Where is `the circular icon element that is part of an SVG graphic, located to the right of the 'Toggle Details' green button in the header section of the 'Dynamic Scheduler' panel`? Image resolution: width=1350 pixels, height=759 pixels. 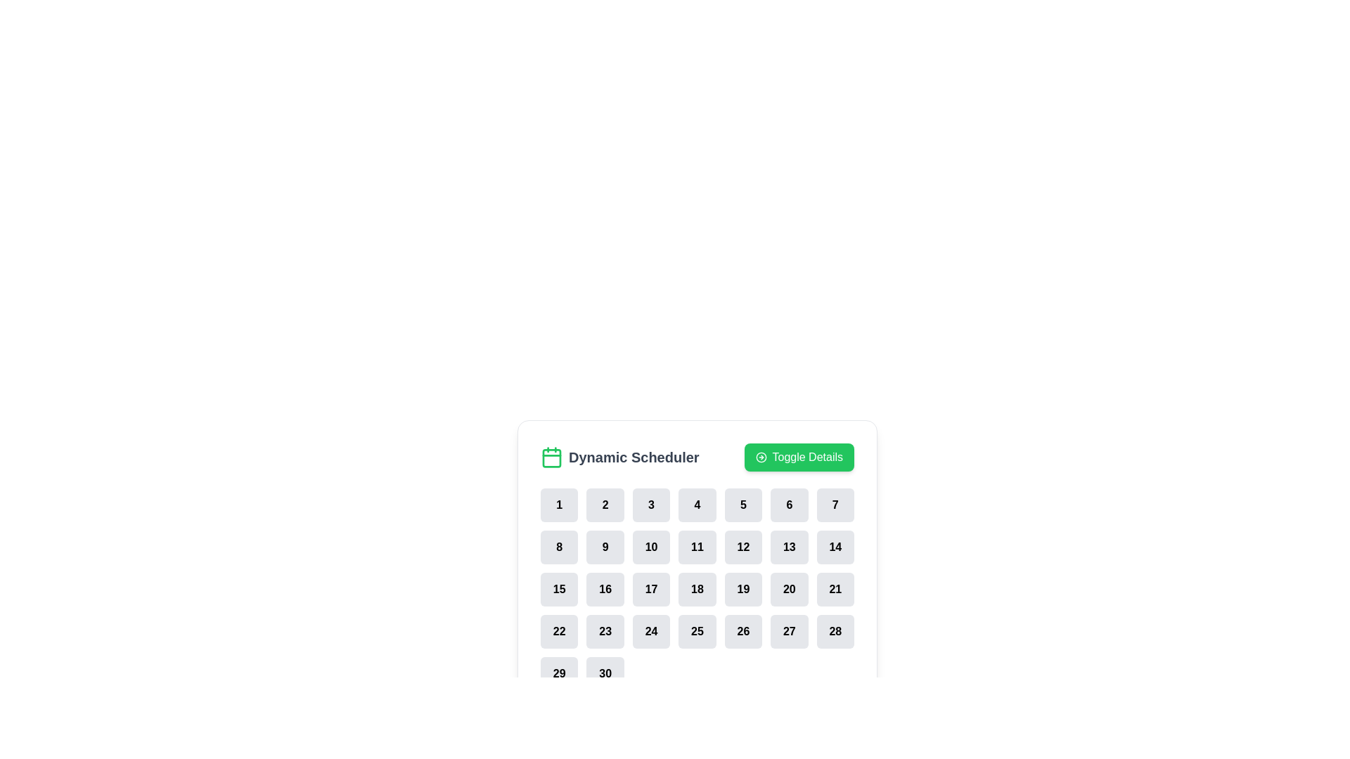
the circular icon element that is part of an SVG graphic, located to the right of the 'Toggle Details' green button in the header section of the 'Dynamic Scheduler' panel is located at coordinates (760, 458).